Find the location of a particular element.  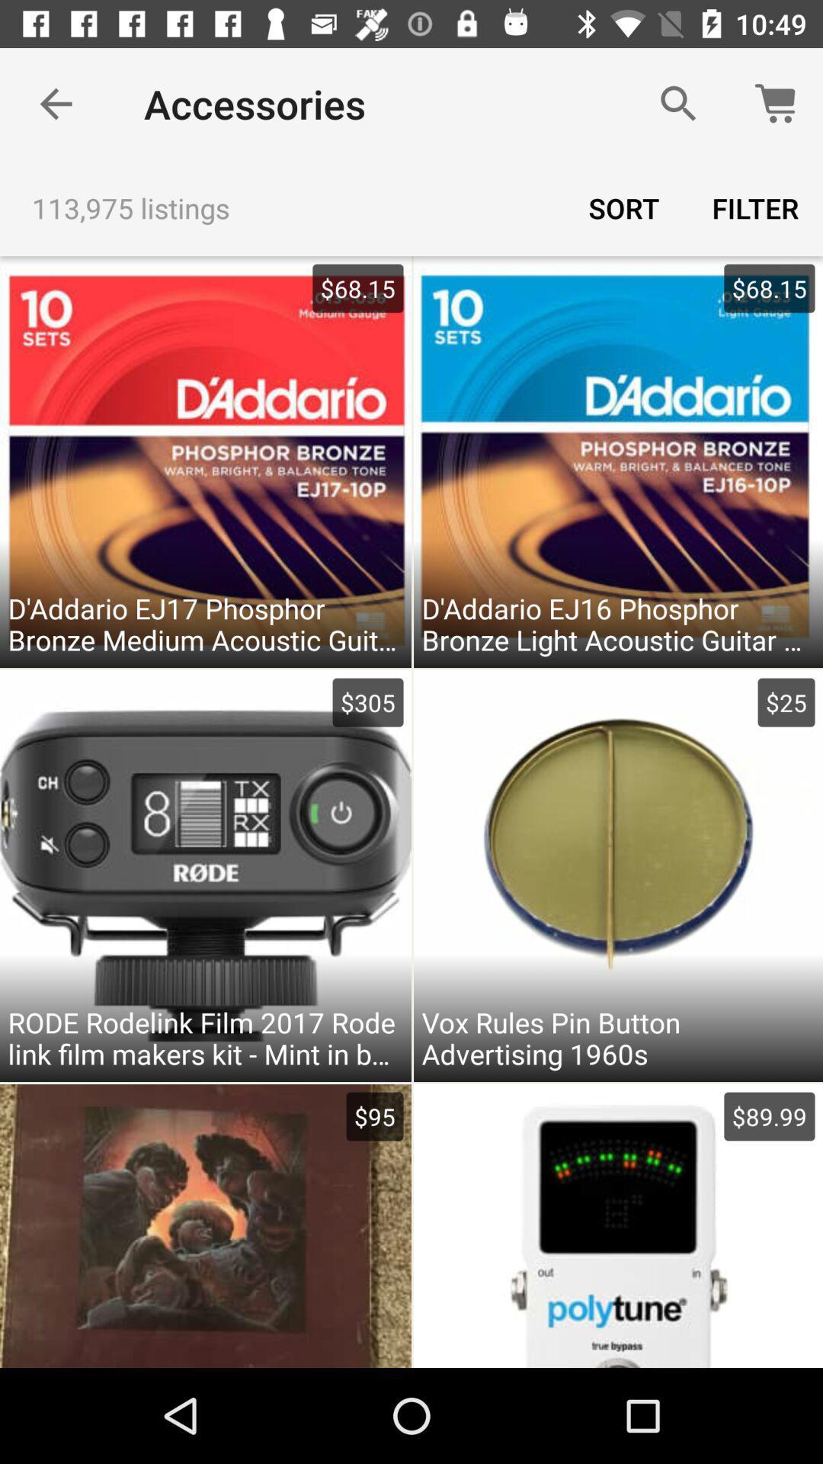

the item above the sort is located at coordinates (678, 103).